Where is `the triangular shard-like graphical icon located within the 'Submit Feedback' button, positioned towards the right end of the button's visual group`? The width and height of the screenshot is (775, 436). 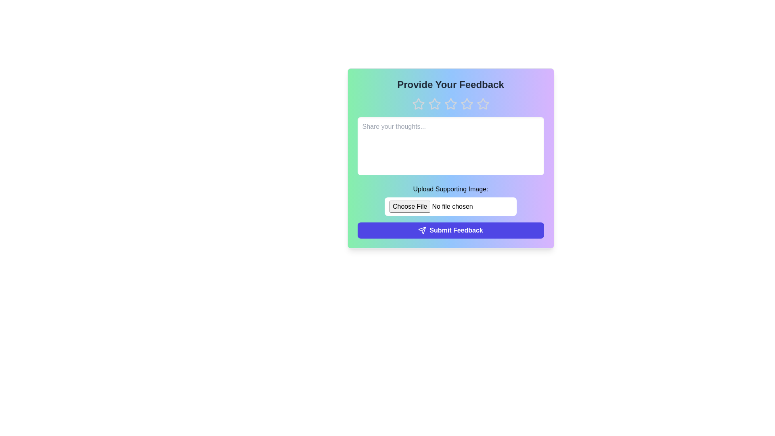 the triangular shard-like graphical icon located within the 'Submit Feedback' button, positioned towards the right end of the button's visual group is located at coordinates (422, 230).